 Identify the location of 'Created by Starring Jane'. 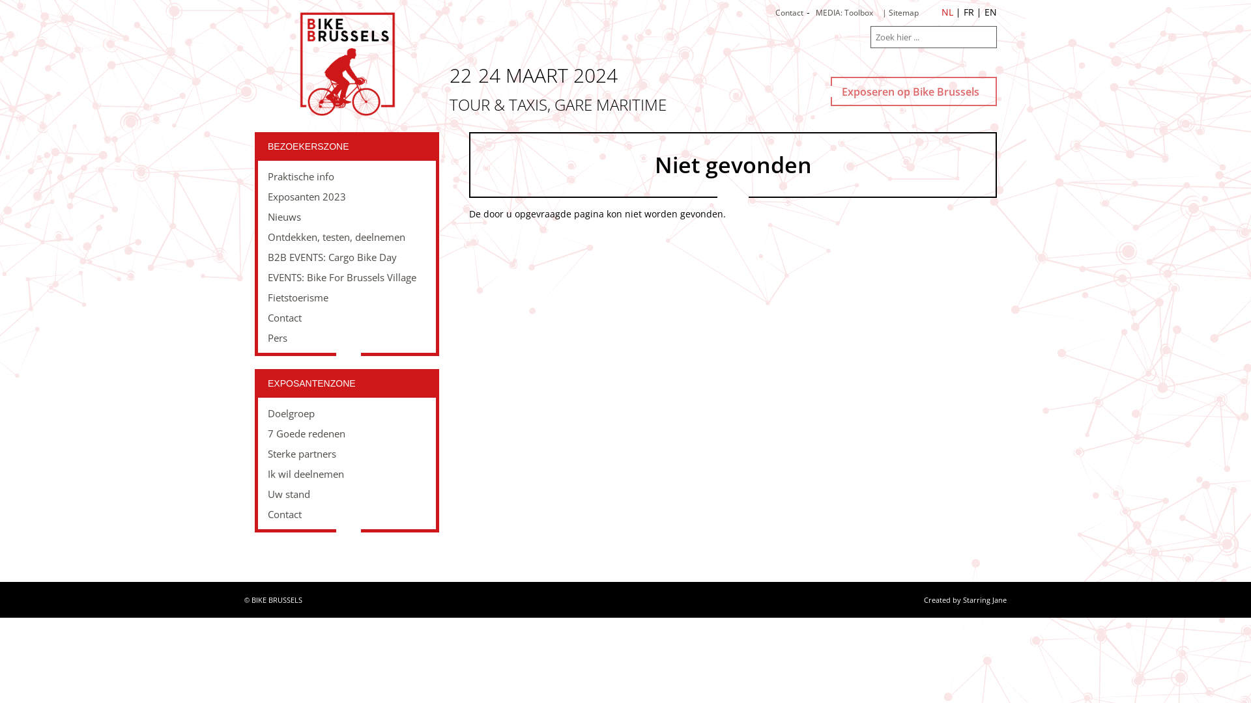
(965, 600).